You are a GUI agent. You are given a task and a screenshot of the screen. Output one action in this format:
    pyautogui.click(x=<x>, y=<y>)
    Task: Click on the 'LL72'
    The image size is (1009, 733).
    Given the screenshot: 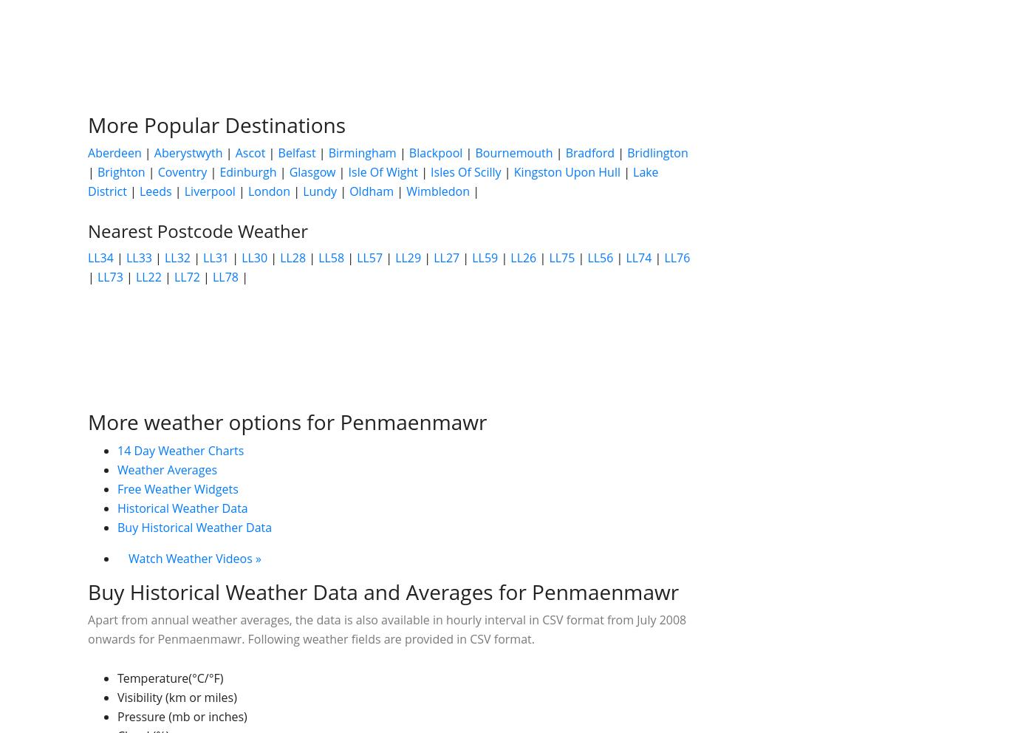 What is the action you would take?
    pyautogui.click(x=186, y=276)
    